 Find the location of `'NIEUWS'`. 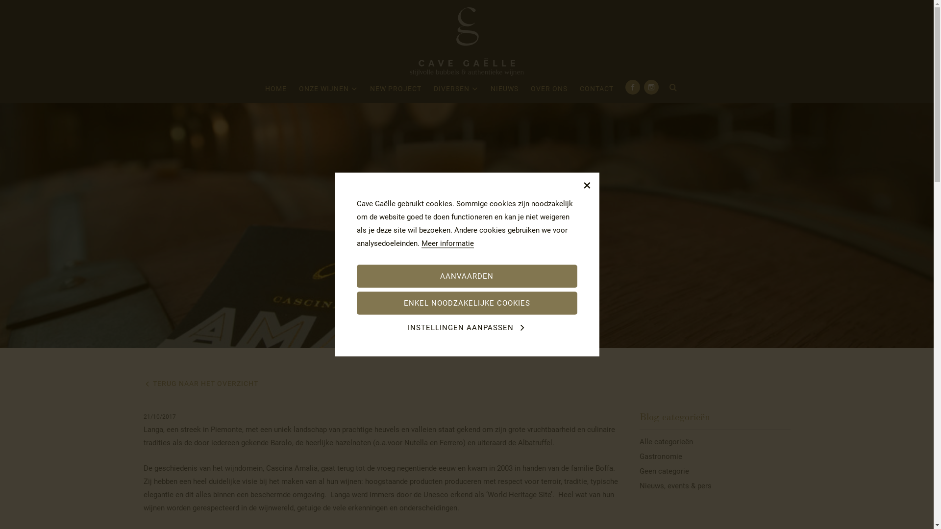

'NIEUWS' is located at coordinates (504, 91).